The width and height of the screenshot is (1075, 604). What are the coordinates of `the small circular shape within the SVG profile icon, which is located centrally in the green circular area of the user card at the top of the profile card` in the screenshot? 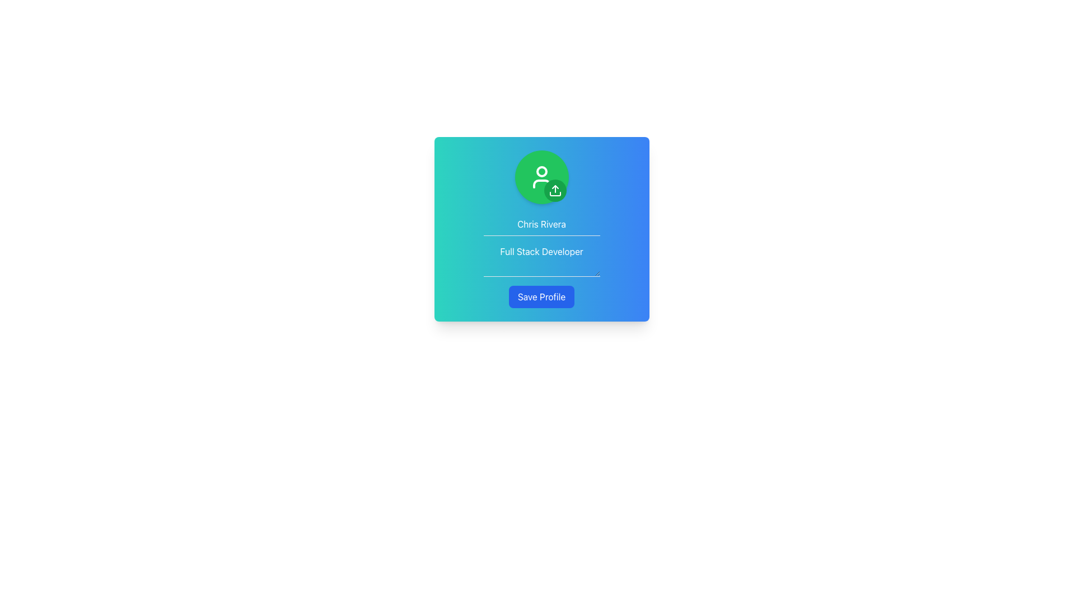 It's located at (541, 172).